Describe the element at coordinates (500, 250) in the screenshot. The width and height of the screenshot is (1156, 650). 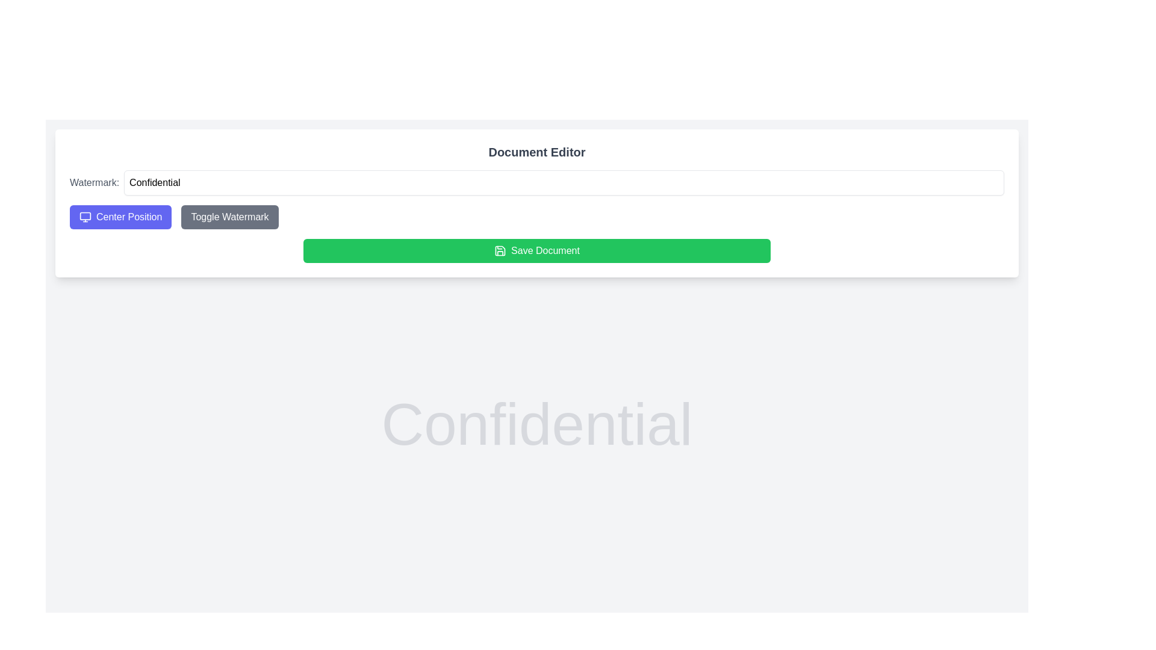
I see `the 'Save Document' SVG icon, which is a minimalistic outline style icon with a green background, located in the toolbar area` at that location.